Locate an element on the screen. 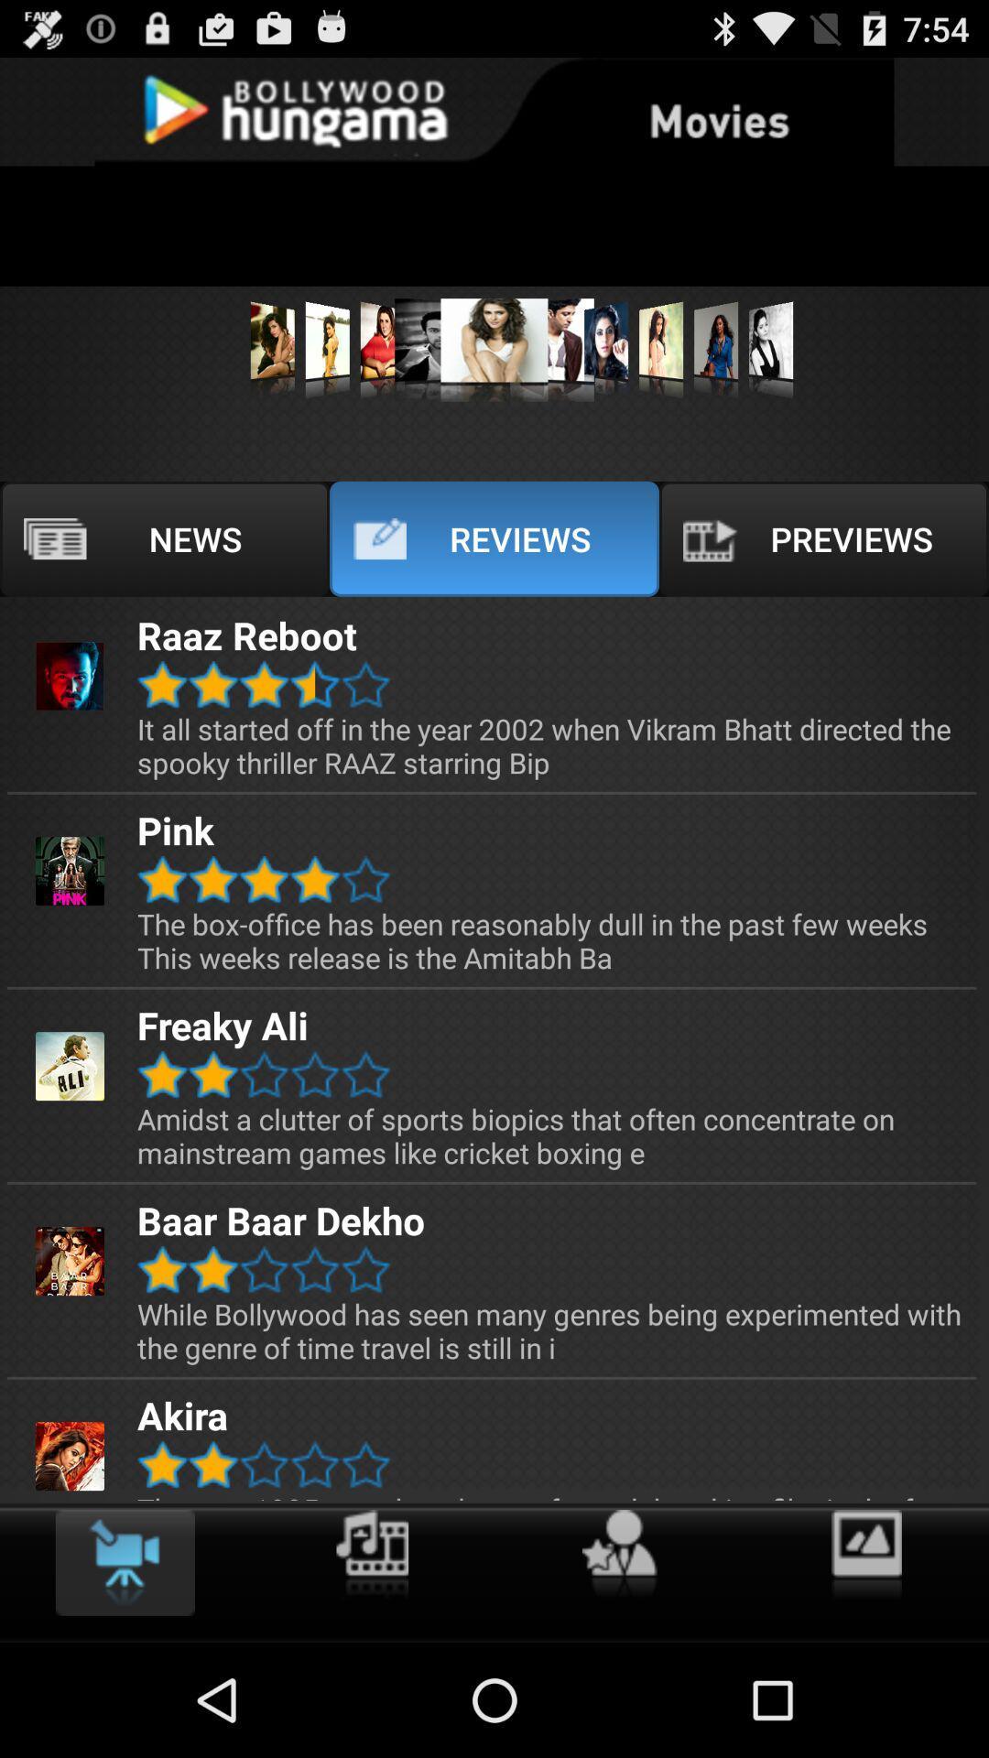 The height and width of the screenshot is (1758, 989). the image of freaky ali is located at coordinates (69, 1066).